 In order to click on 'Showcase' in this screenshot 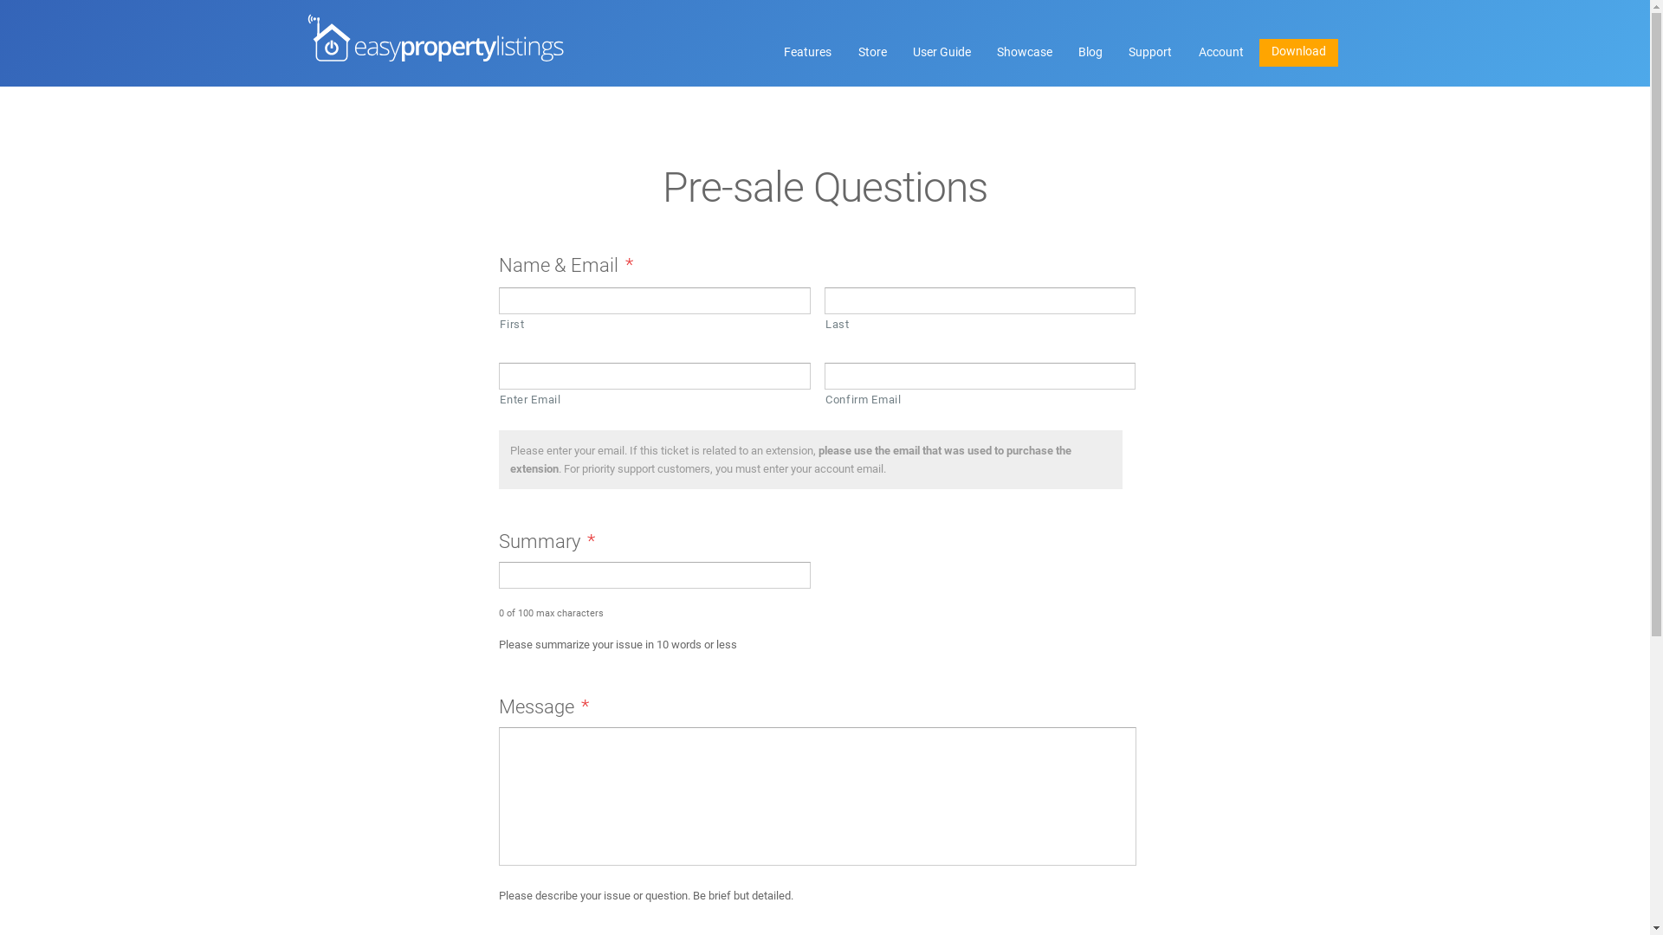, I will do `click(1024, 52)`.